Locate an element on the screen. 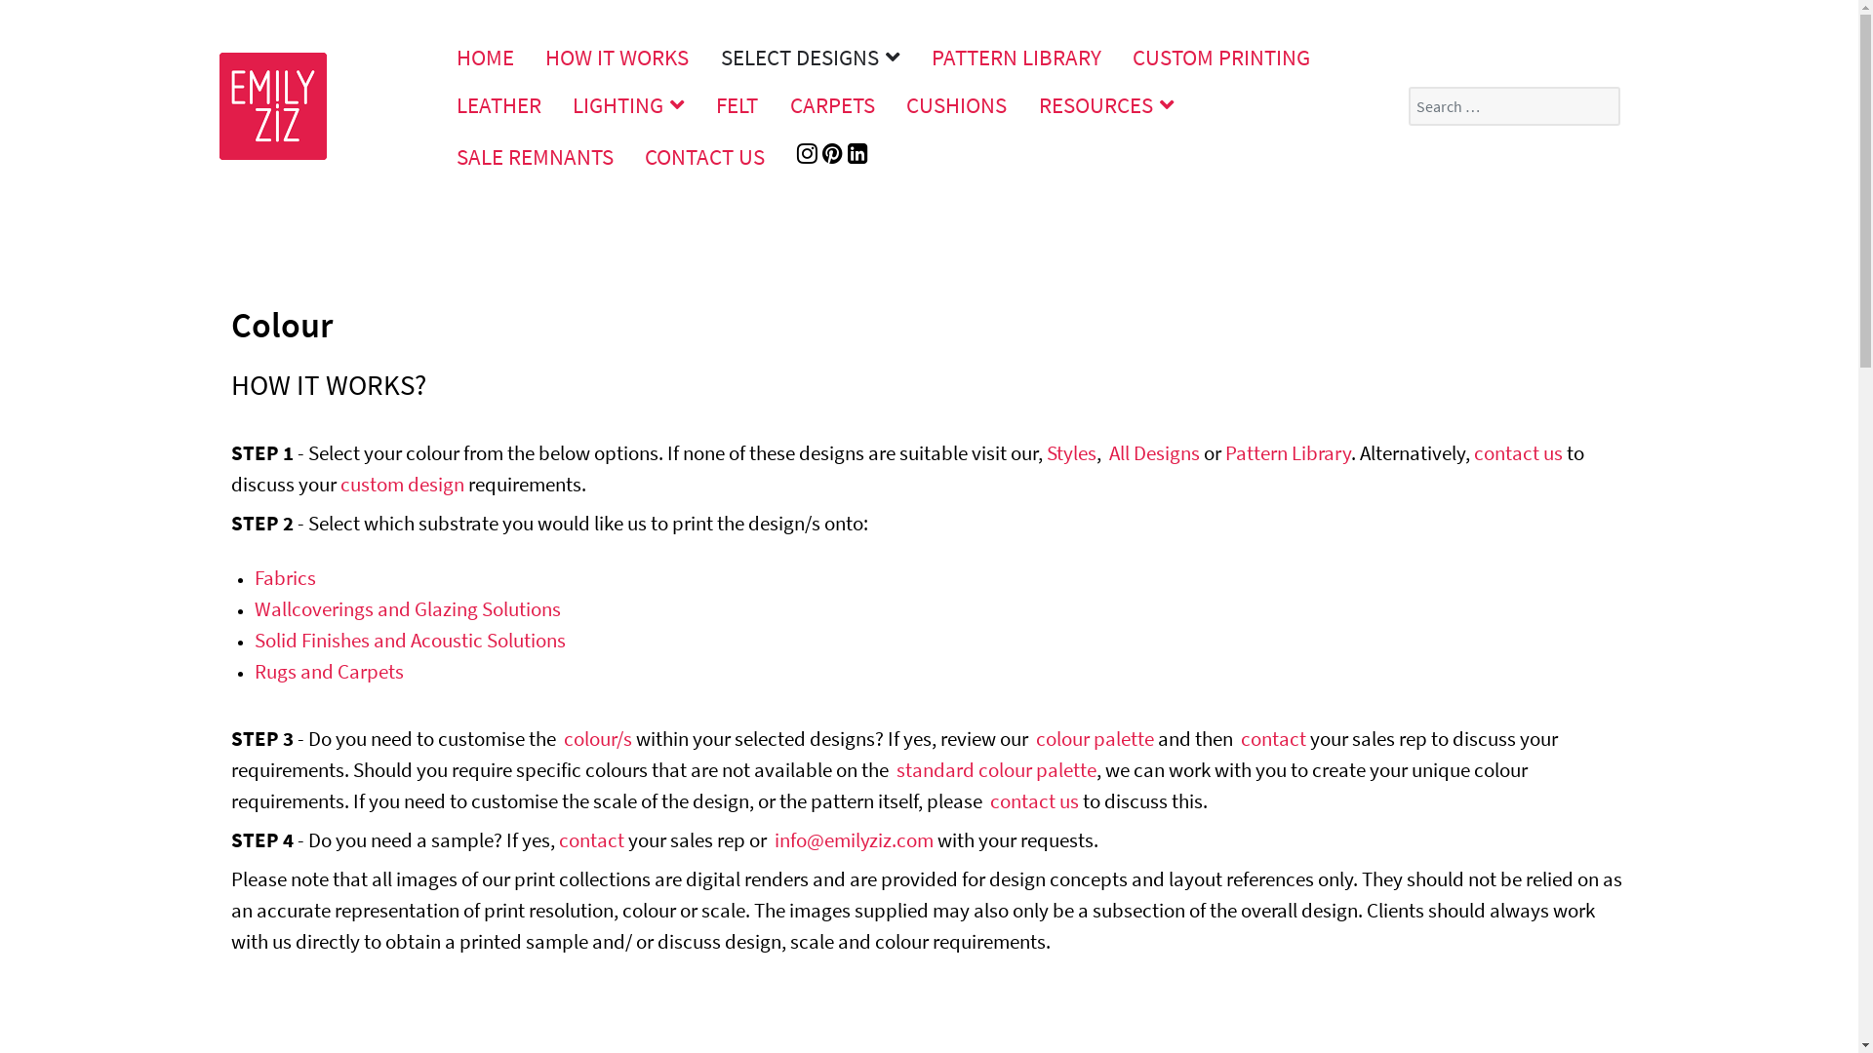 This screenshot has width=1873, height=1053. 'Solid Finishes and Acoustic Solutions' is located at coordinates (408, 640).